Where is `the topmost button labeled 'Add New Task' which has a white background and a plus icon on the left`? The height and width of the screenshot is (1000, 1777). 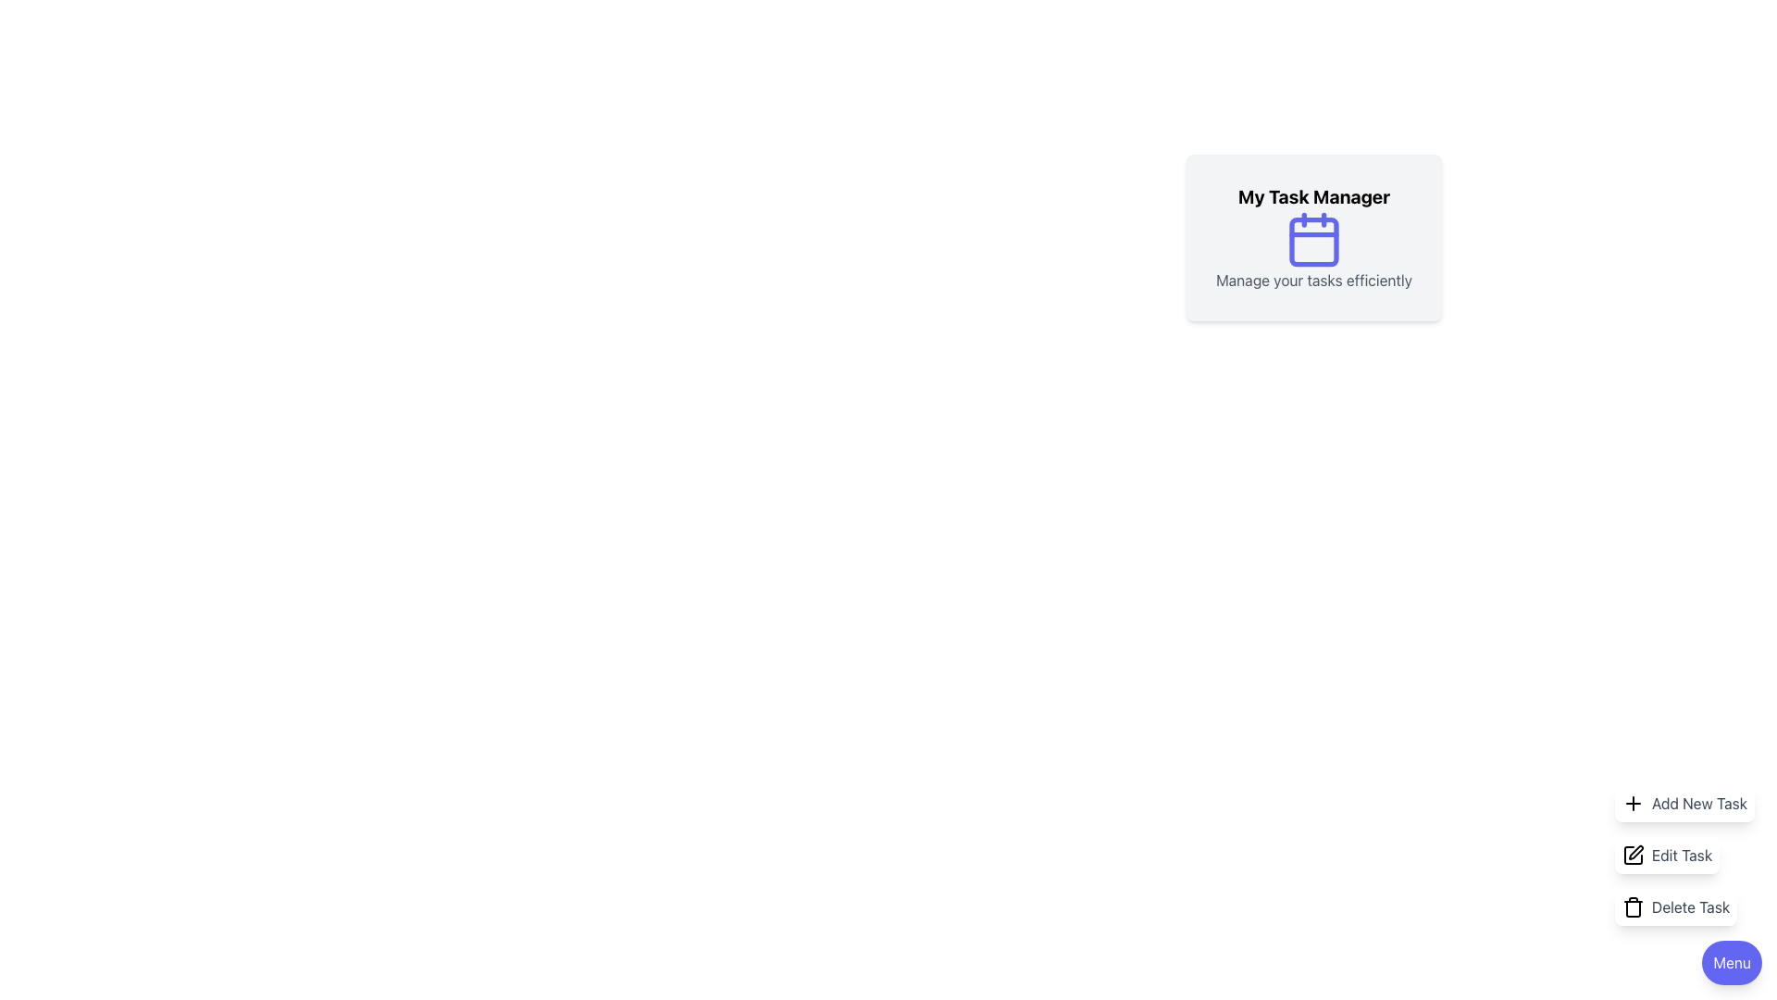
the topmost button labeled 'Add New Task' which has a white background and a plus icon on the left is located at coordinates (1684, 802).